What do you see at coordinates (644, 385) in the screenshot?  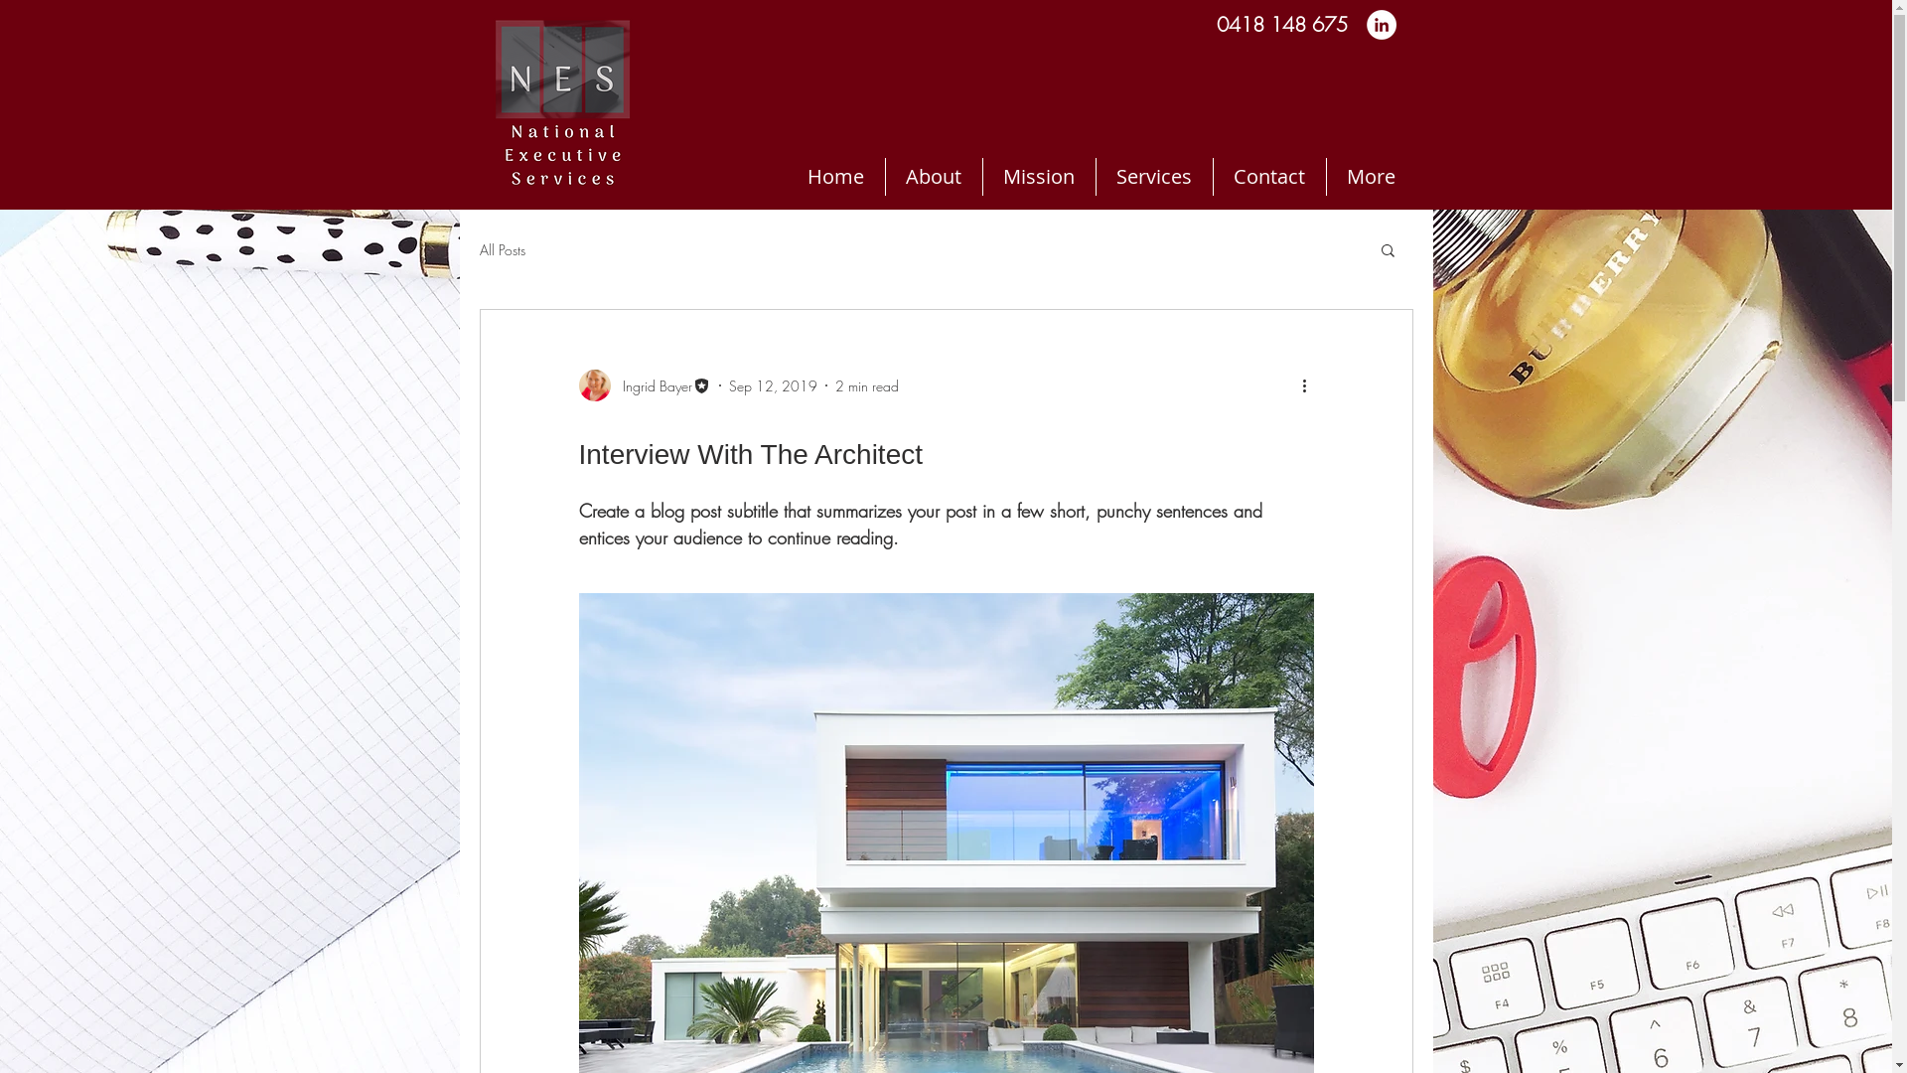 I see `'Ingrid Bayer'` at bounding box center [644, 385].